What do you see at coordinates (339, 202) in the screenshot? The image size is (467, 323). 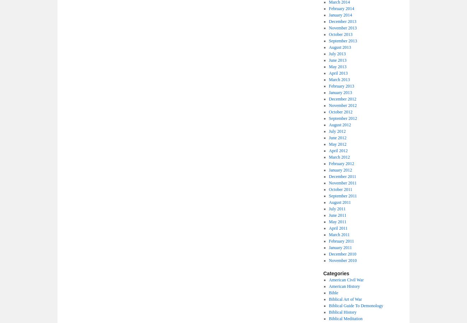 I see `'August 2011'` at bounding box center [339, 202].